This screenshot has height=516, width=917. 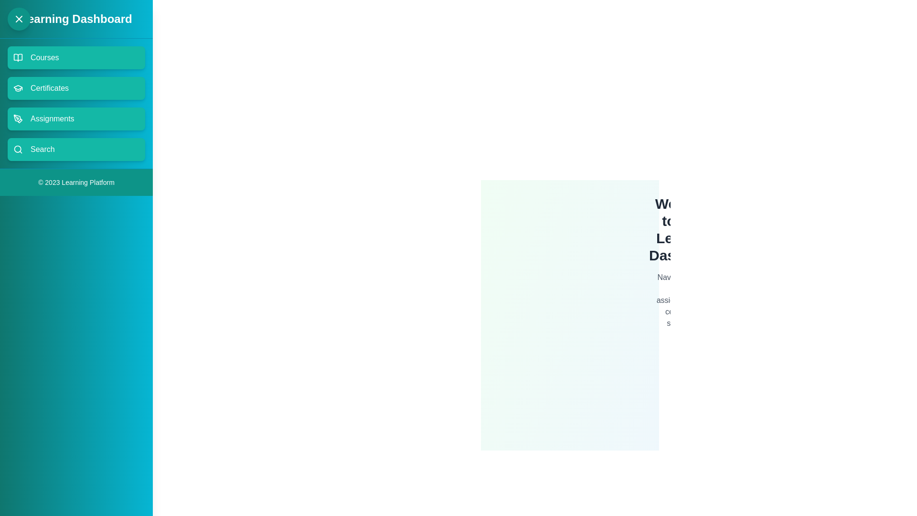 I want to click on the 'Search' button which is located in the bottom-left corner of the interface at the fourth position in the vertical navigation bar, below the 'Assignments' button, so click(x=42, y=149).